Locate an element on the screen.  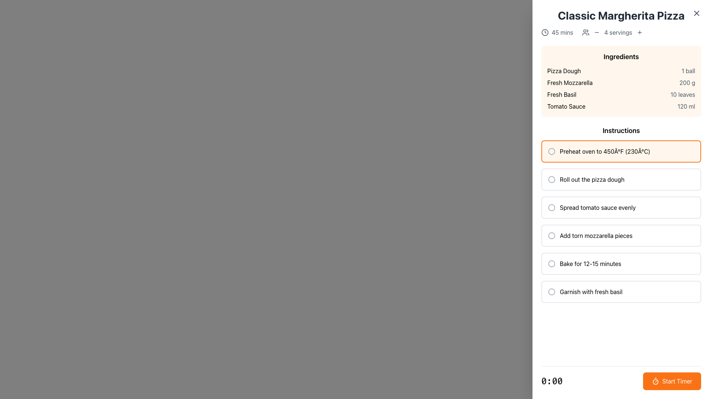
the Text Label providing guidance to spread tomato sauce evenly, which is located in the third step of the 'Instructions' list on the right panel is located at coordinates (598, 208).